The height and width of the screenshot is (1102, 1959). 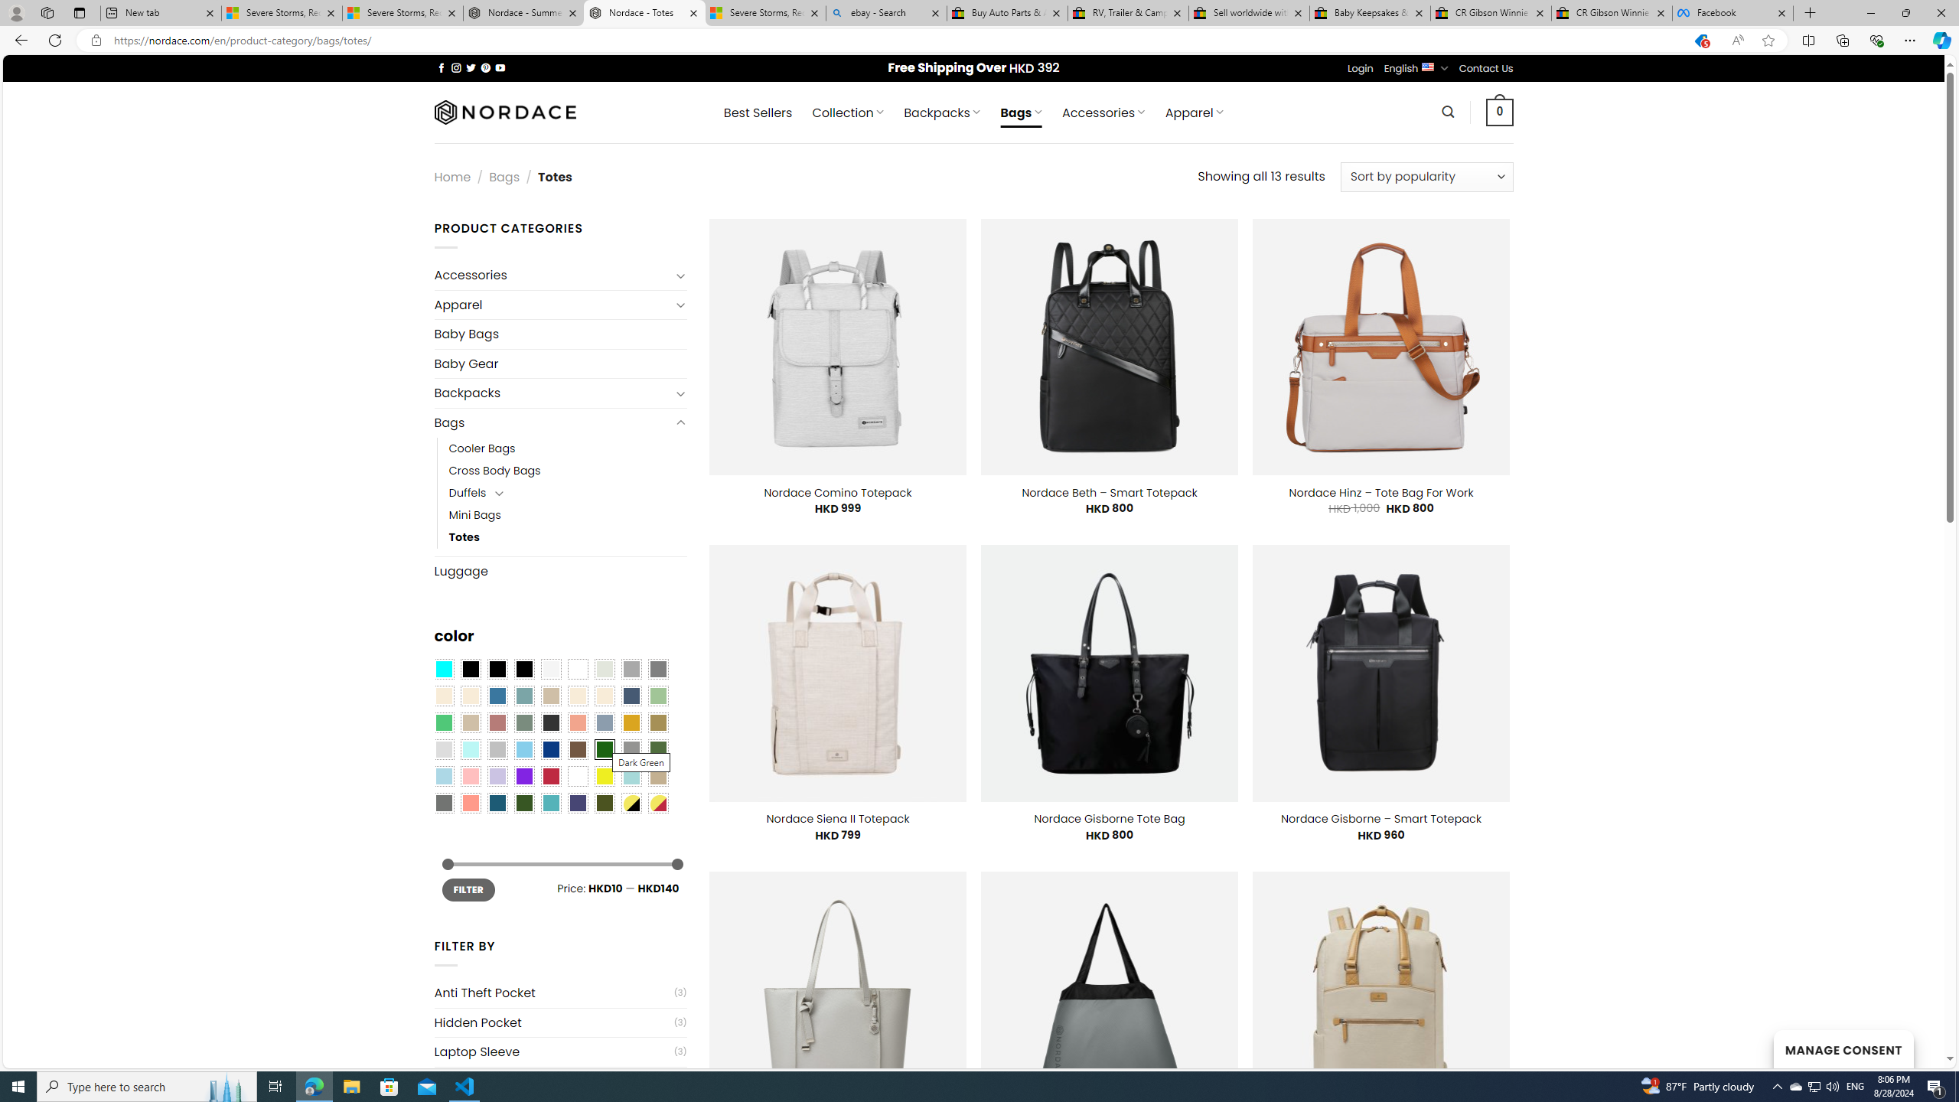 What do you see at coordinates (442, 803) in the screenshot?
I see `'Dull Nickle'` at bounding box center [442, 803].